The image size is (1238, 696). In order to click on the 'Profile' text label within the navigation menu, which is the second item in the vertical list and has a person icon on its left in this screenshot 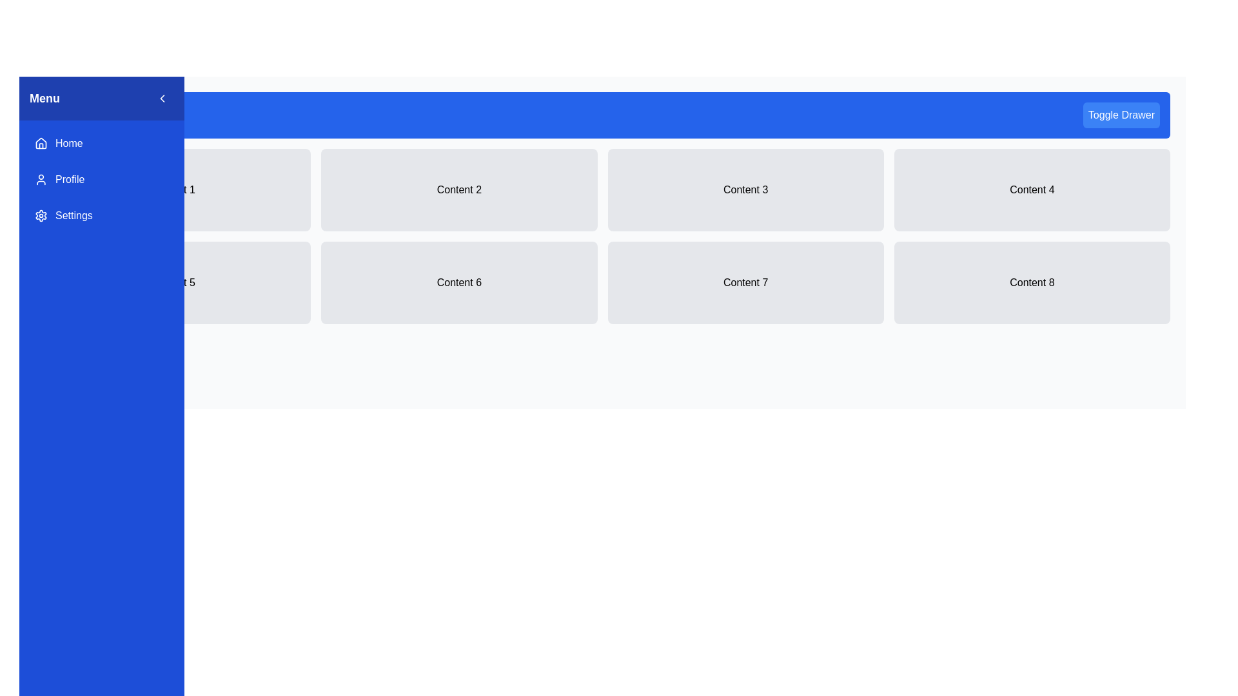, I will do `click(69, 179)`.